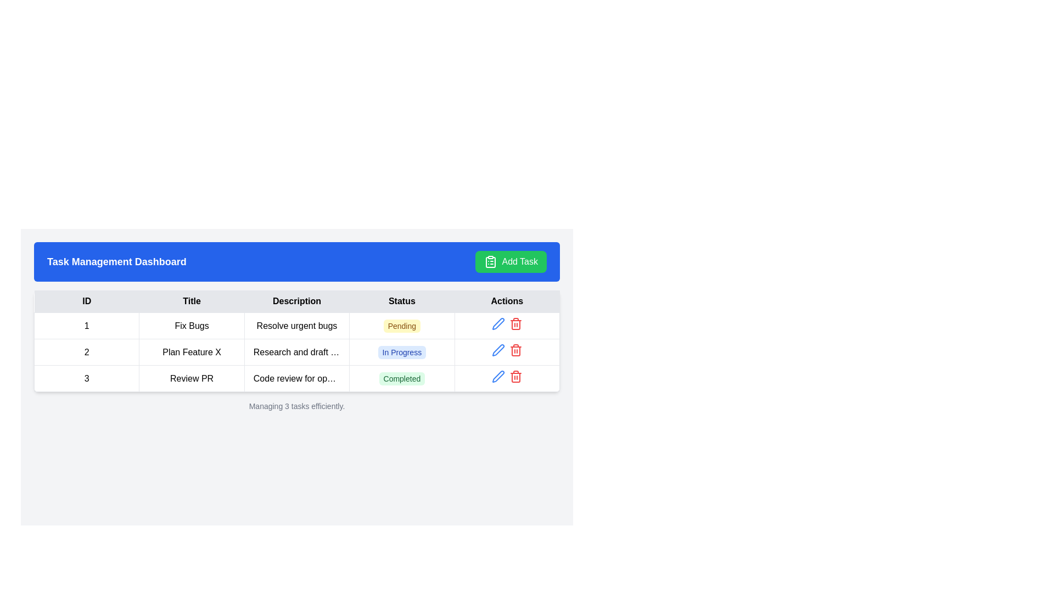 The image size is (1054, 593). Describe the element at coordinates (401, 325) in the screenshot. I see `status indicated by the text label displaying 'Pending' with a yellow background and rounded corners in the 'Status' column of the table row labeled '1', Title 'Fix Bugs'` at that location.